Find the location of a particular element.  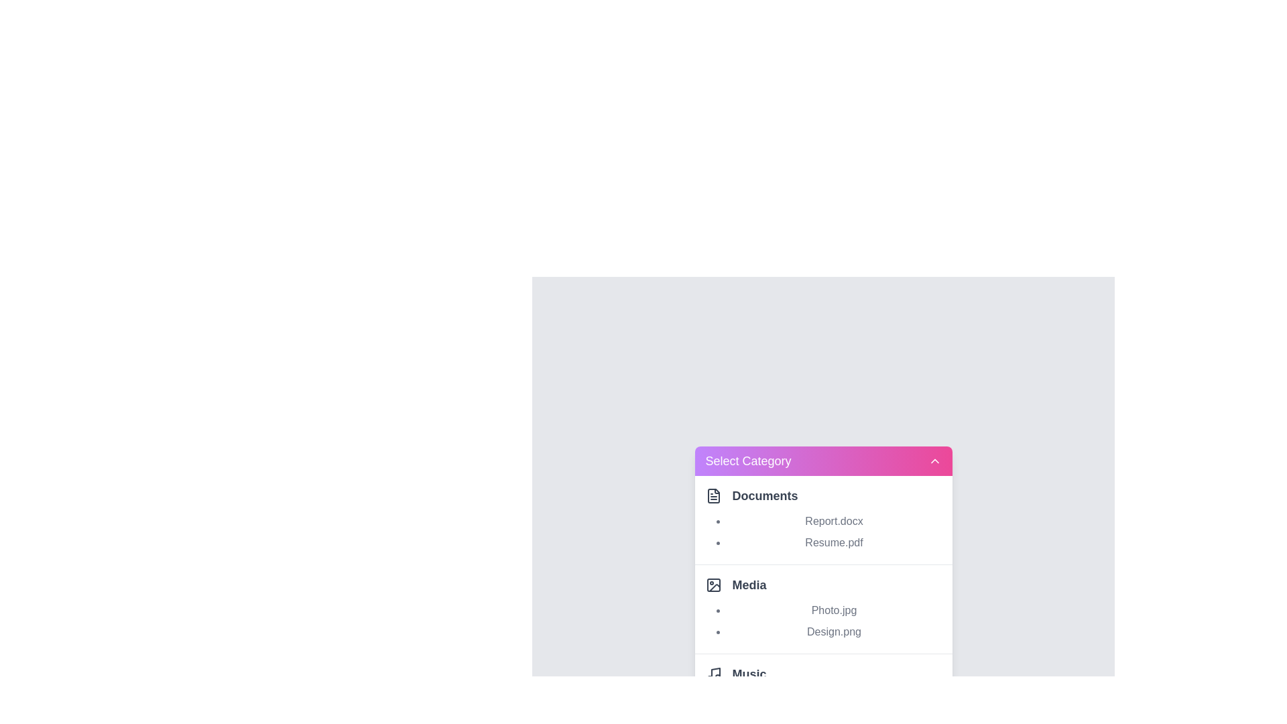

the text label displaying the file name 'Report.docx', which is the first item in the list under the 'Documents' category is located at coordinates (833, 520).